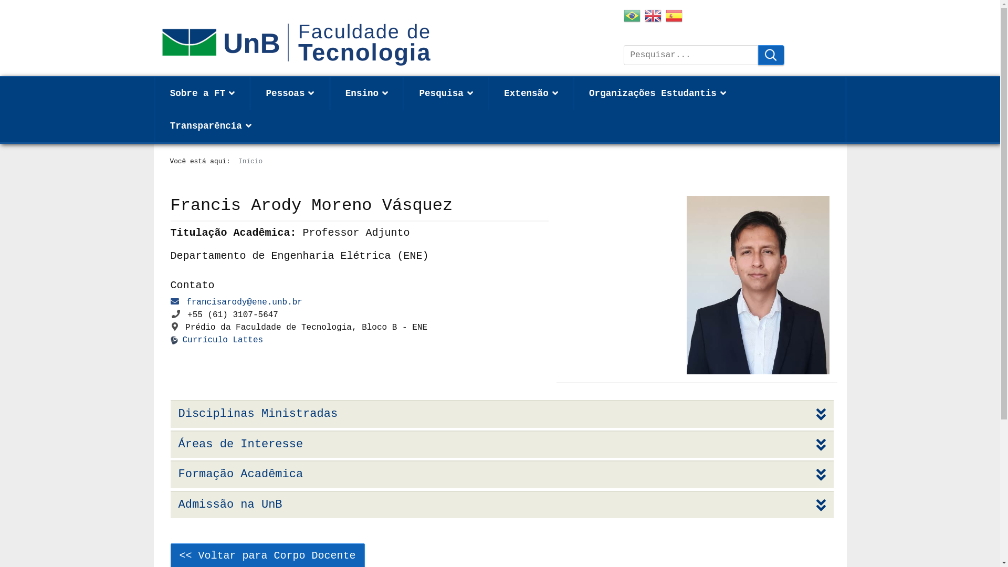 The height and width of the screenshot is (567, 1008). Describe the element at coordinates (624, 17) in the screenshot. I see `'Portuguese'` at that location.